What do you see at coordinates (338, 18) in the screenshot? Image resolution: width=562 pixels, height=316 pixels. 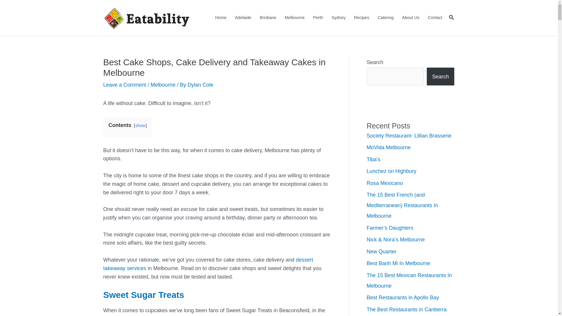 I see `'Sydney'` at bounding box center [338, 18].